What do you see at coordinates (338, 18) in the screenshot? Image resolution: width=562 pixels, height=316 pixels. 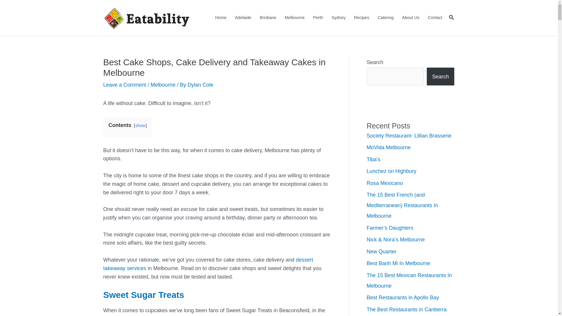 I see `'Sydney'` at bounding box center [338, 18].